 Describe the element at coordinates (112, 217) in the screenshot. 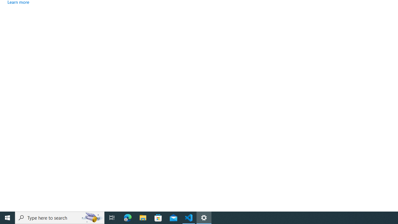

I see `'Task View'` at that location.